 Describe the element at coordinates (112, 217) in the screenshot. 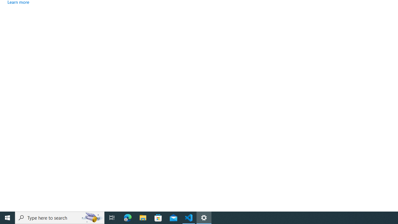

I see `'Task View'` at that location.